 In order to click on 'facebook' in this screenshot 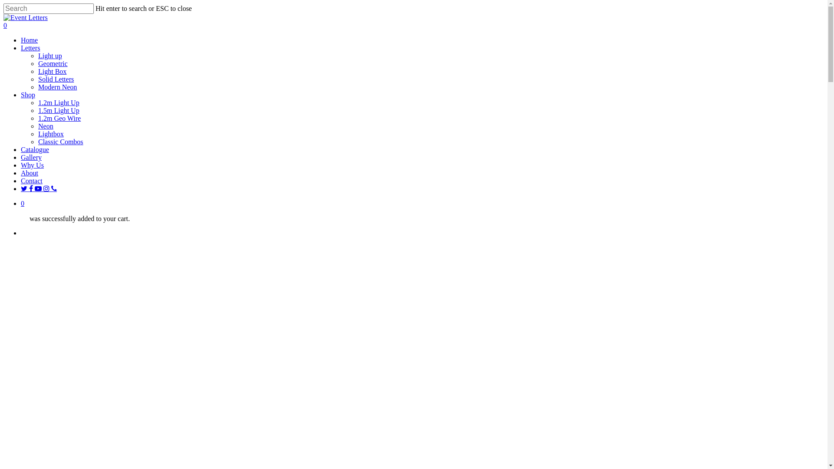, I will do `click(29, 188)`.